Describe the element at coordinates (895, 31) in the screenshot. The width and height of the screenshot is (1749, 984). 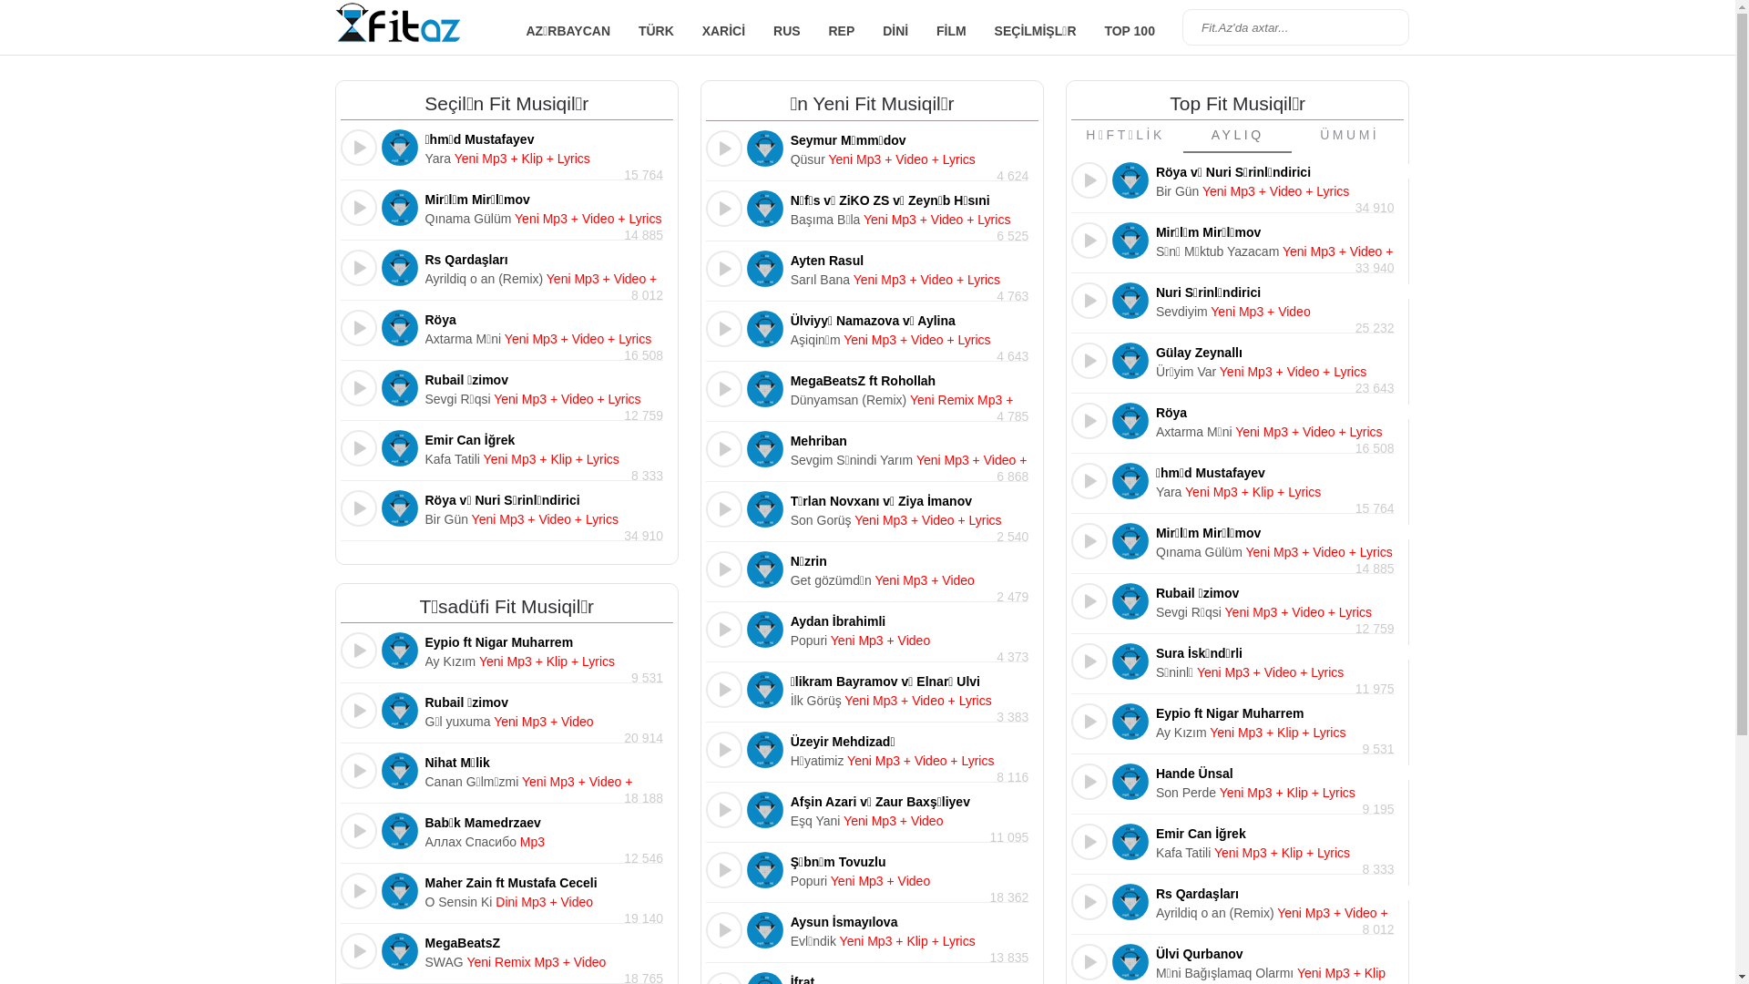
I see `'DINI'` at that location.